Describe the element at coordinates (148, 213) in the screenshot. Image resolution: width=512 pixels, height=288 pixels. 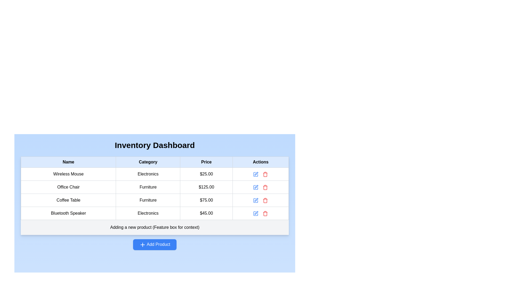
I see `the Text Label that represents the category 'Electronics' for the 'Bluetooth Speaker' item in the inventory table, located in the last row of the 'Category' column` at that location.